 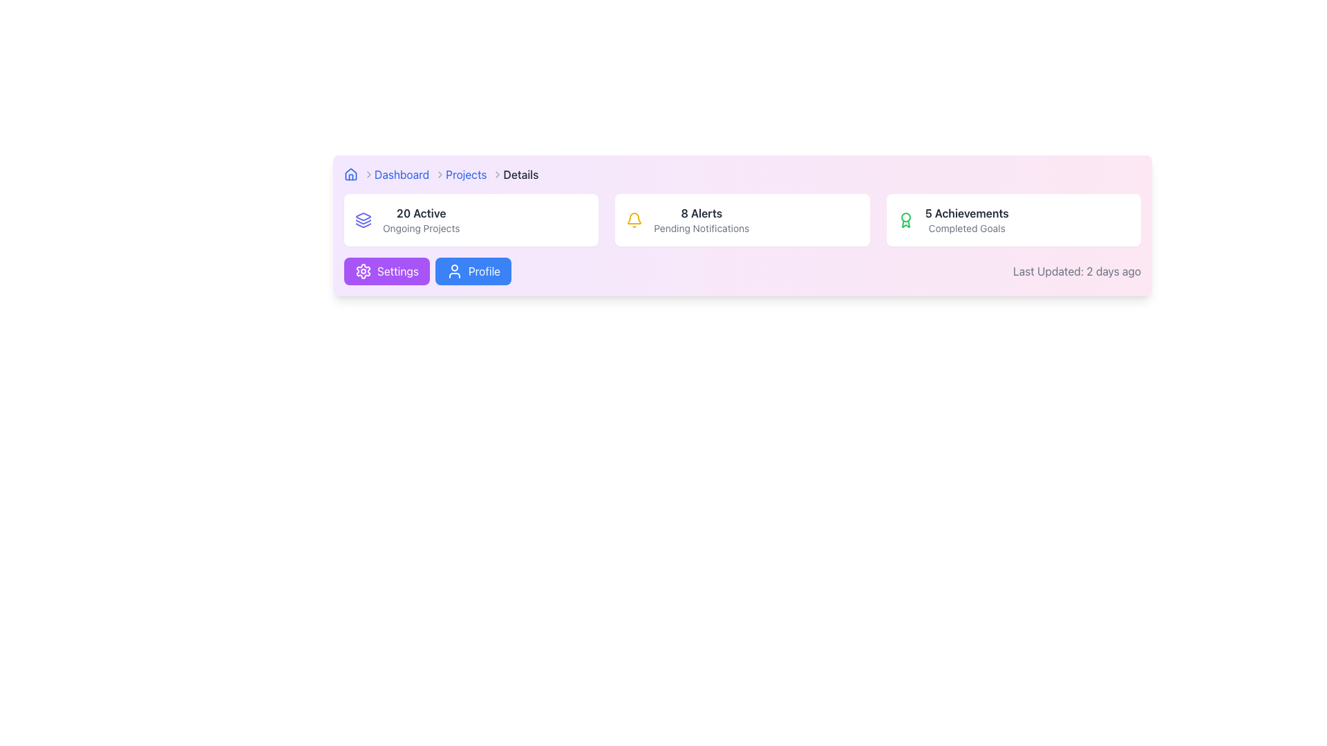 I want to click on the 'Profile' button that contains the user profile SVG icon, which is styled with a blue background and white border, so click(x=454, y=271).